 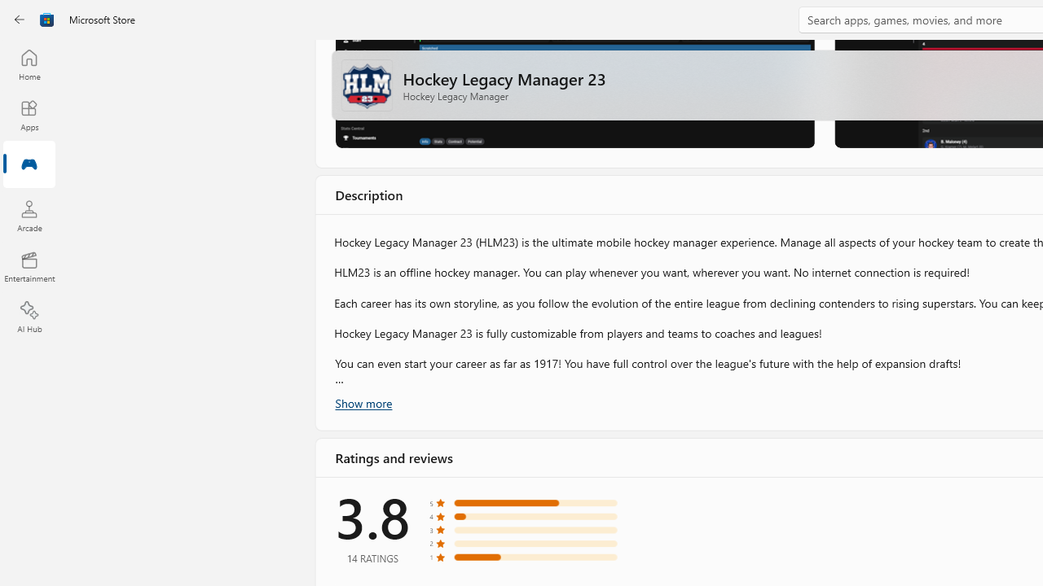 What do you see at coordinates (47, 20) in the screenshot?
I see `'Class: Image'` at bounding box center [47, 20].